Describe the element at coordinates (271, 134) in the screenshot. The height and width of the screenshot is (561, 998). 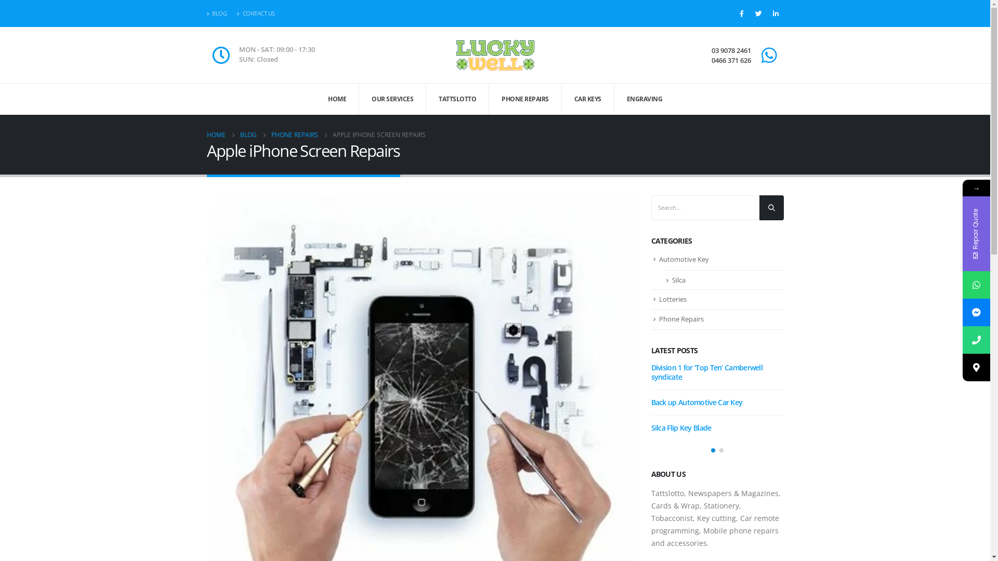
I see `'PHONE REPAIRS'` at that location.